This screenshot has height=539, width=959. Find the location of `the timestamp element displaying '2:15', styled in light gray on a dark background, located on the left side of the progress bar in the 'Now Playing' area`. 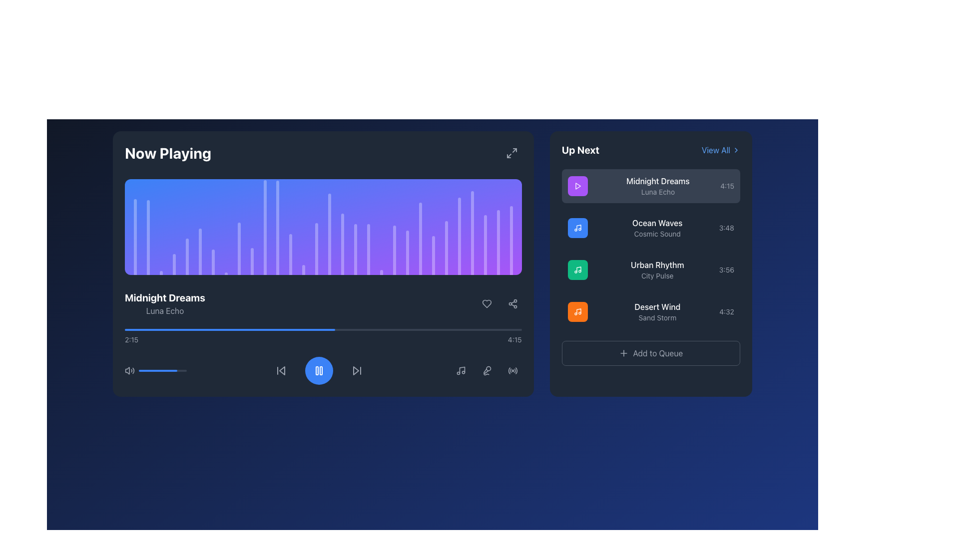

the timestamp element displaying '2:15', styled in light gray on a dark background, located on the left side of the progress bar in the 'Now Playing' area is located at coordinates (131, 339).